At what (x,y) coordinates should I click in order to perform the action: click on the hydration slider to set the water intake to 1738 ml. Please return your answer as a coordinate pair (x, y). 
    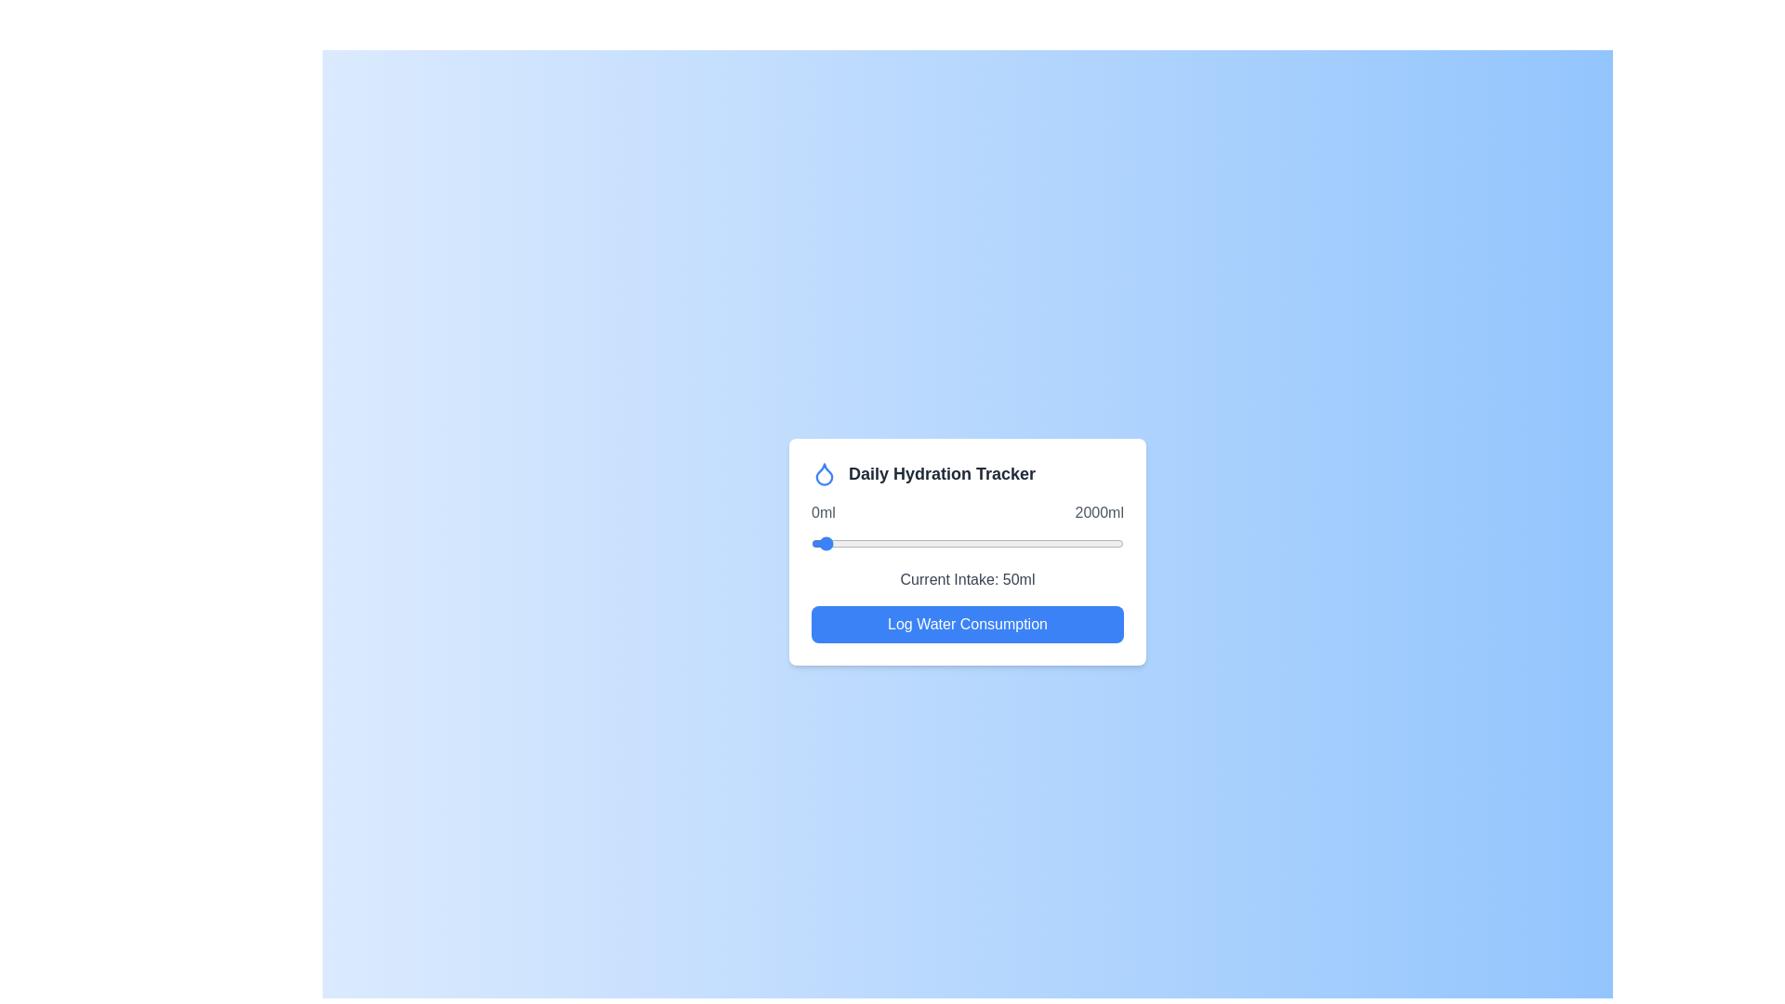
    Looking at the image, I should click on (1083, 544).